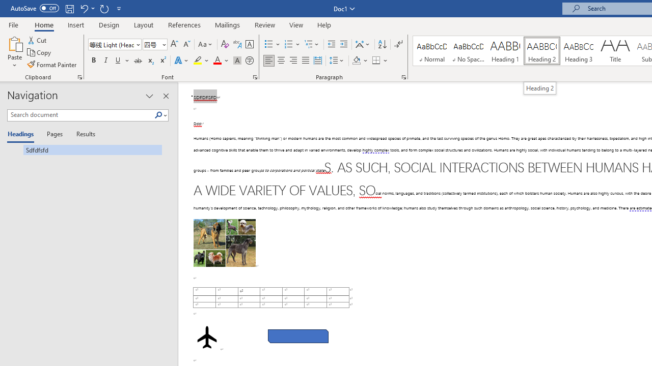  I want to click on 'Copy', so click(40, 52).